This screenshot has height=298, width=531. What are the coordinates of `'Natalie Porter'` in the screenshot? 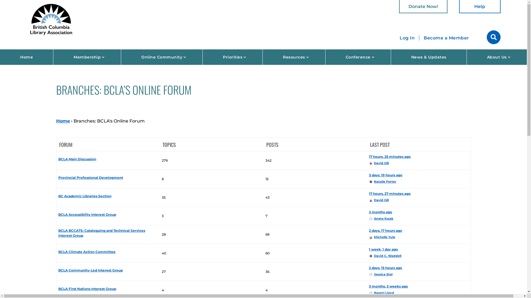 It's located at (369, 182).